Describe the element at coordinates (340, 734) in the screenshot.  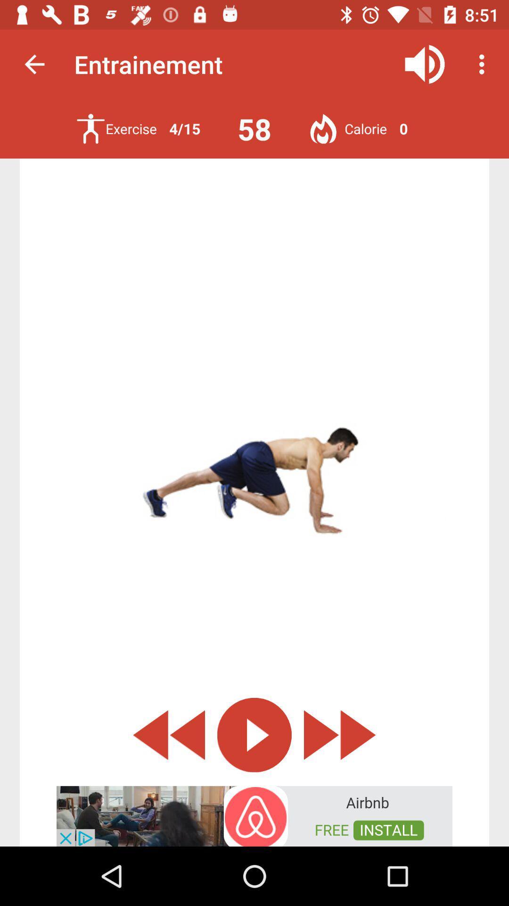
I see `fast forward` at that location.